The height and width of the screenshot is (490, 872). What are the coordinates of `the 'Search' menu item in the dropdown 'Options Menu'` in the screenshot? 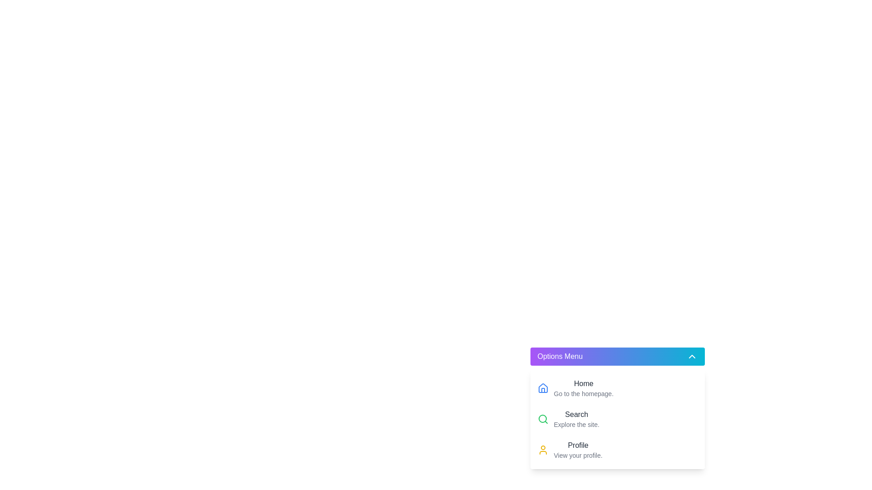 It's located at (617, 407).